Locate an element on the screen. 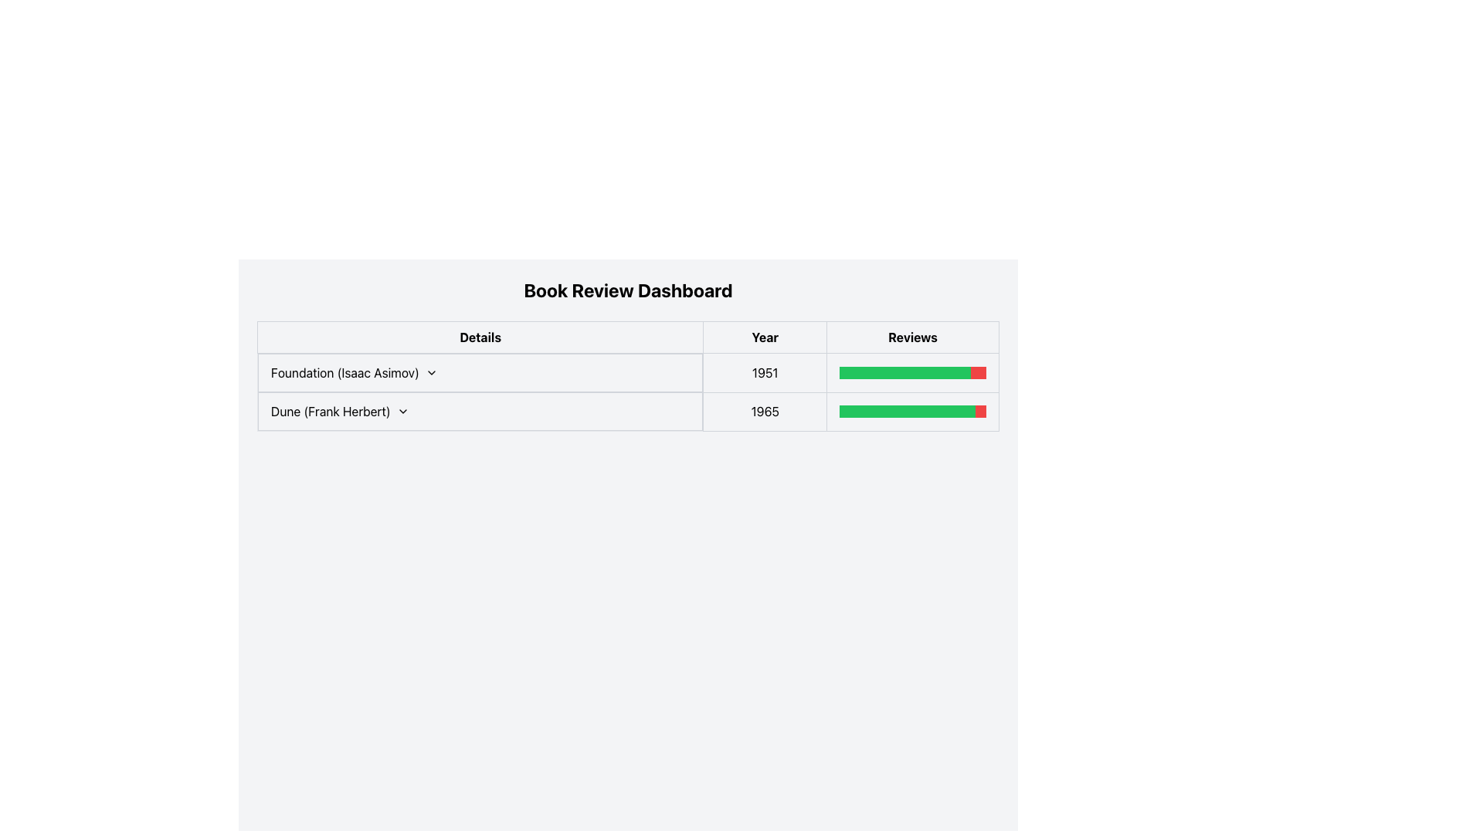  the 'Details' column header, which is the first column header in the table, characterized by a bold label and a light gray background is located at coordinates (480, 336).